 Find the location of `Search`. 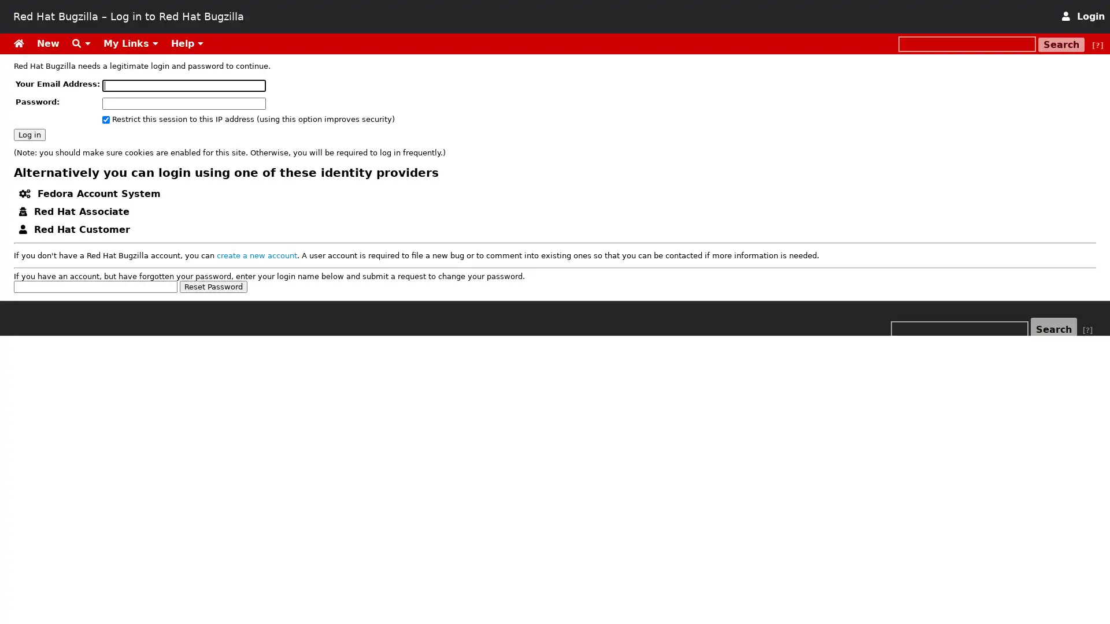

Search is located at coordinates (1054, 329).